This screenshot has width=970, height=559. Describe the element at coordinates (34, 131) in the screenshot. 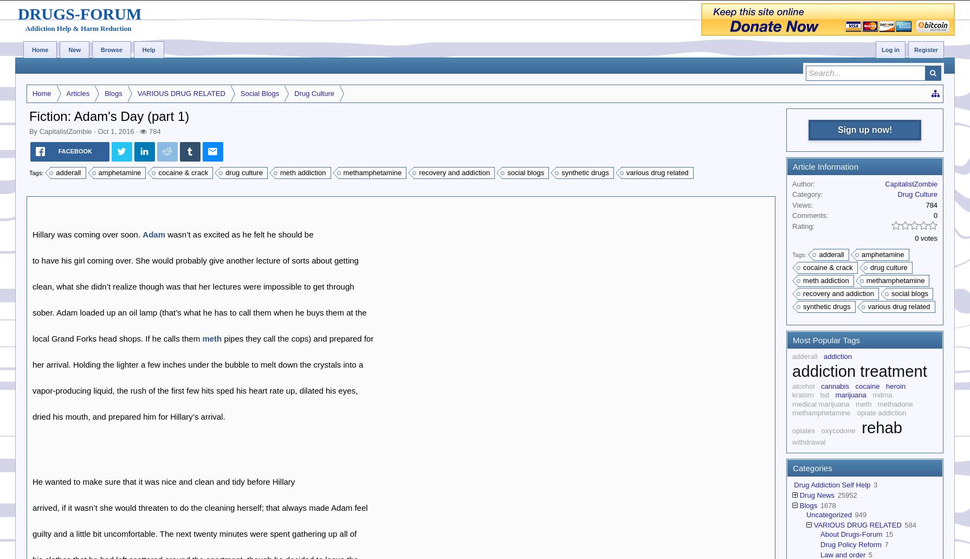

I see `'By'` at that location.